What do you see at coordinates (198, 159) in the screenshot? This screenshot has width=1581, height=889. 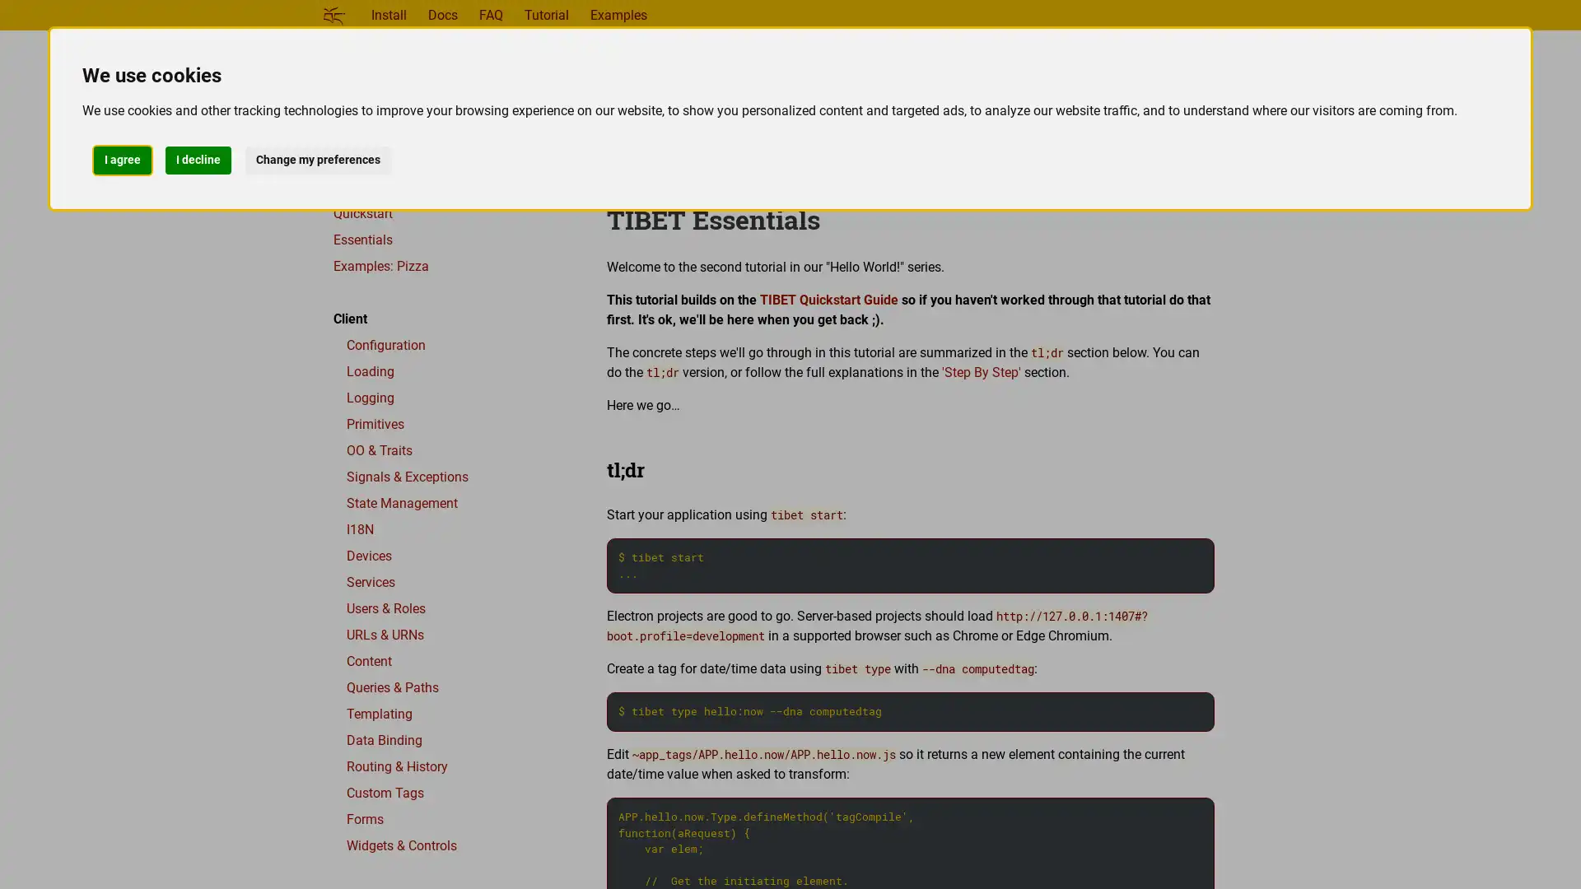 I see `I decline` at bounding box center [198, 159].